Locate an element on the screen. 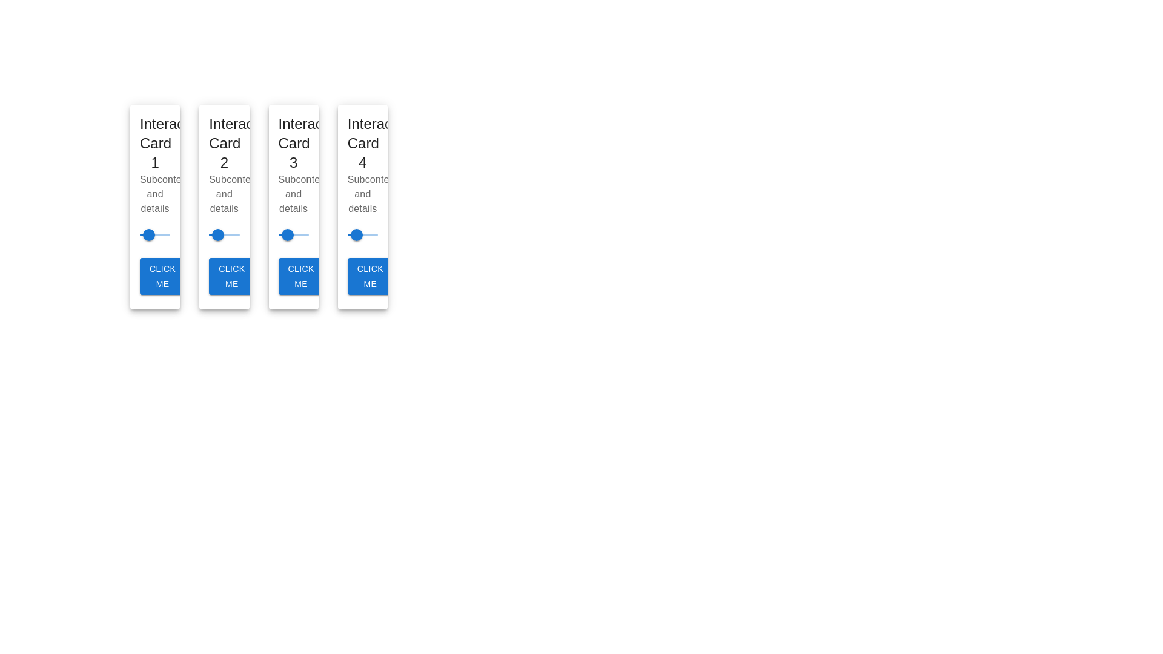 The width and height of the screenshot is (1163, 654). the slider value is located at coordinates (303, 235).